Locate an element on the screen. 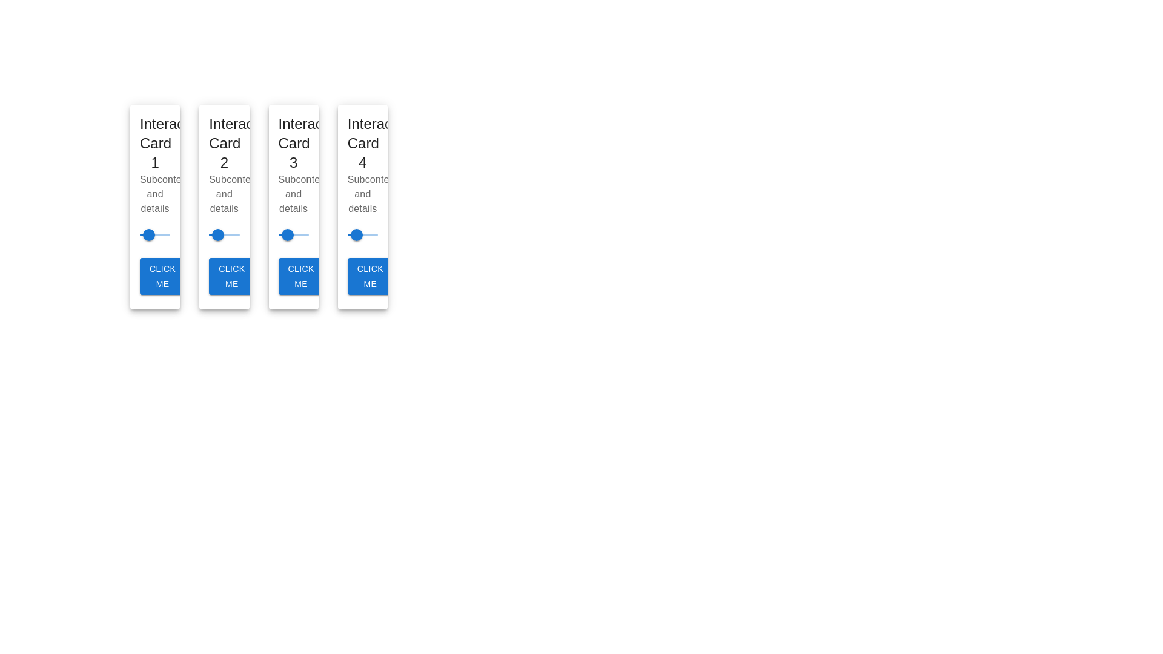 The width and height of the screenshot is (1163, 654). the slider value is located at coordinates (303, 235).